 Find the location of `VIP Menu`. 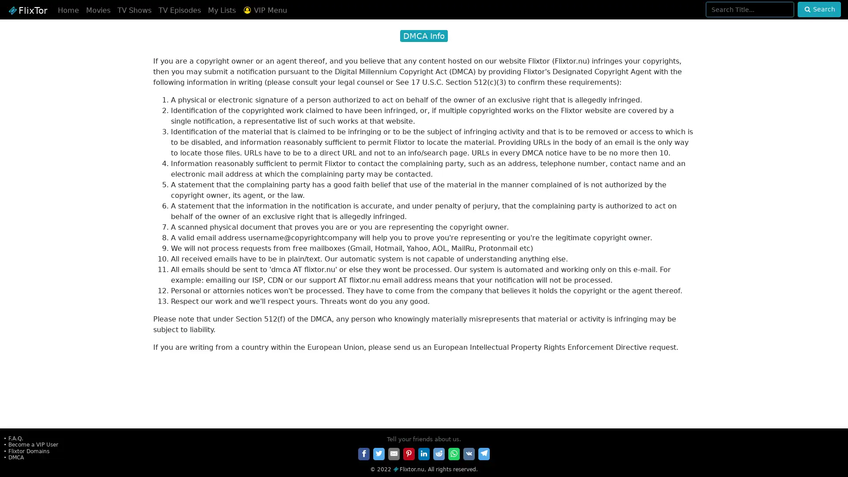

VIP Menu is located at coordinates (264, 10).